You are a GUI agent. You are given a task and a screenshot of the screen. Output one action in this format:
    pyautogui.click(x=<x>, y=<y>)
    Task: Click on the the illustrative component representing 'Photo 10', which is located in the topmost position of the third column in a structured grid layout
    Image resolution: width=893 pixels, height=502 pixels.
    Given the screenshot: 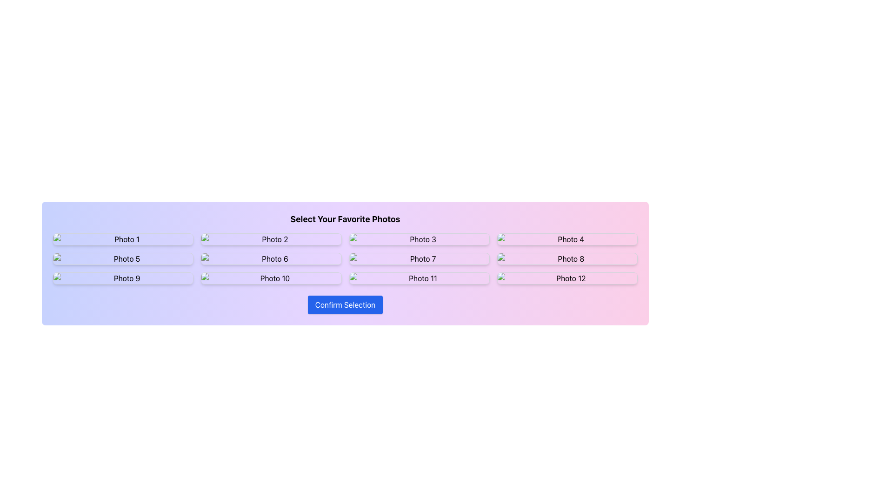 What is the action you would take?
    pyautogui.click(x=271, y=277)
    